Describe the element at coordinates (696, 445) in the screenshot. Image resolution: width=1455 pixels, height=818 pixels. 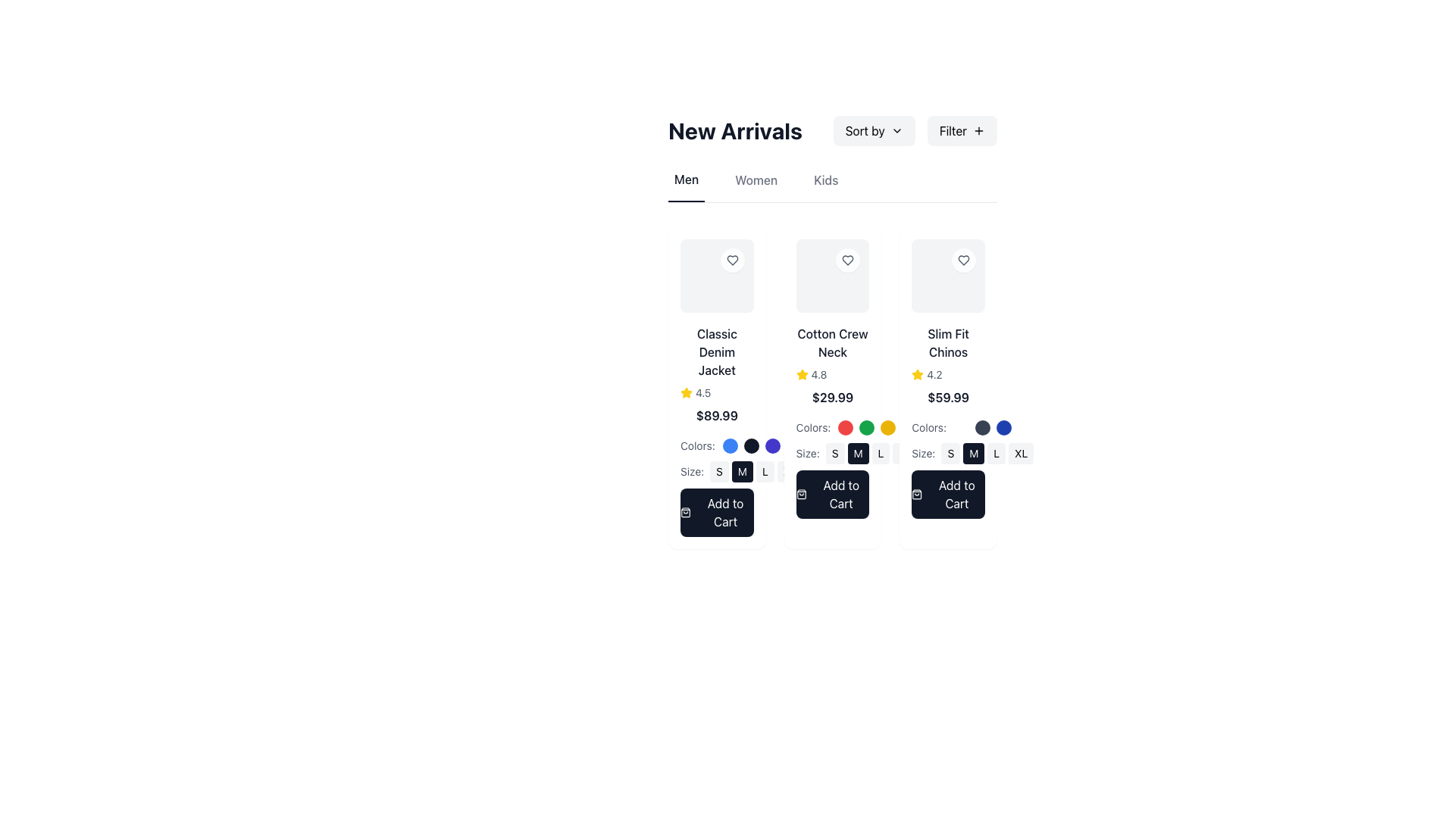
I see `label indicating the purpose of the adjacent color selection circles for the 'Classic Denim Jacket', located to the left of the color selection circles and above the size selection options` at that location.